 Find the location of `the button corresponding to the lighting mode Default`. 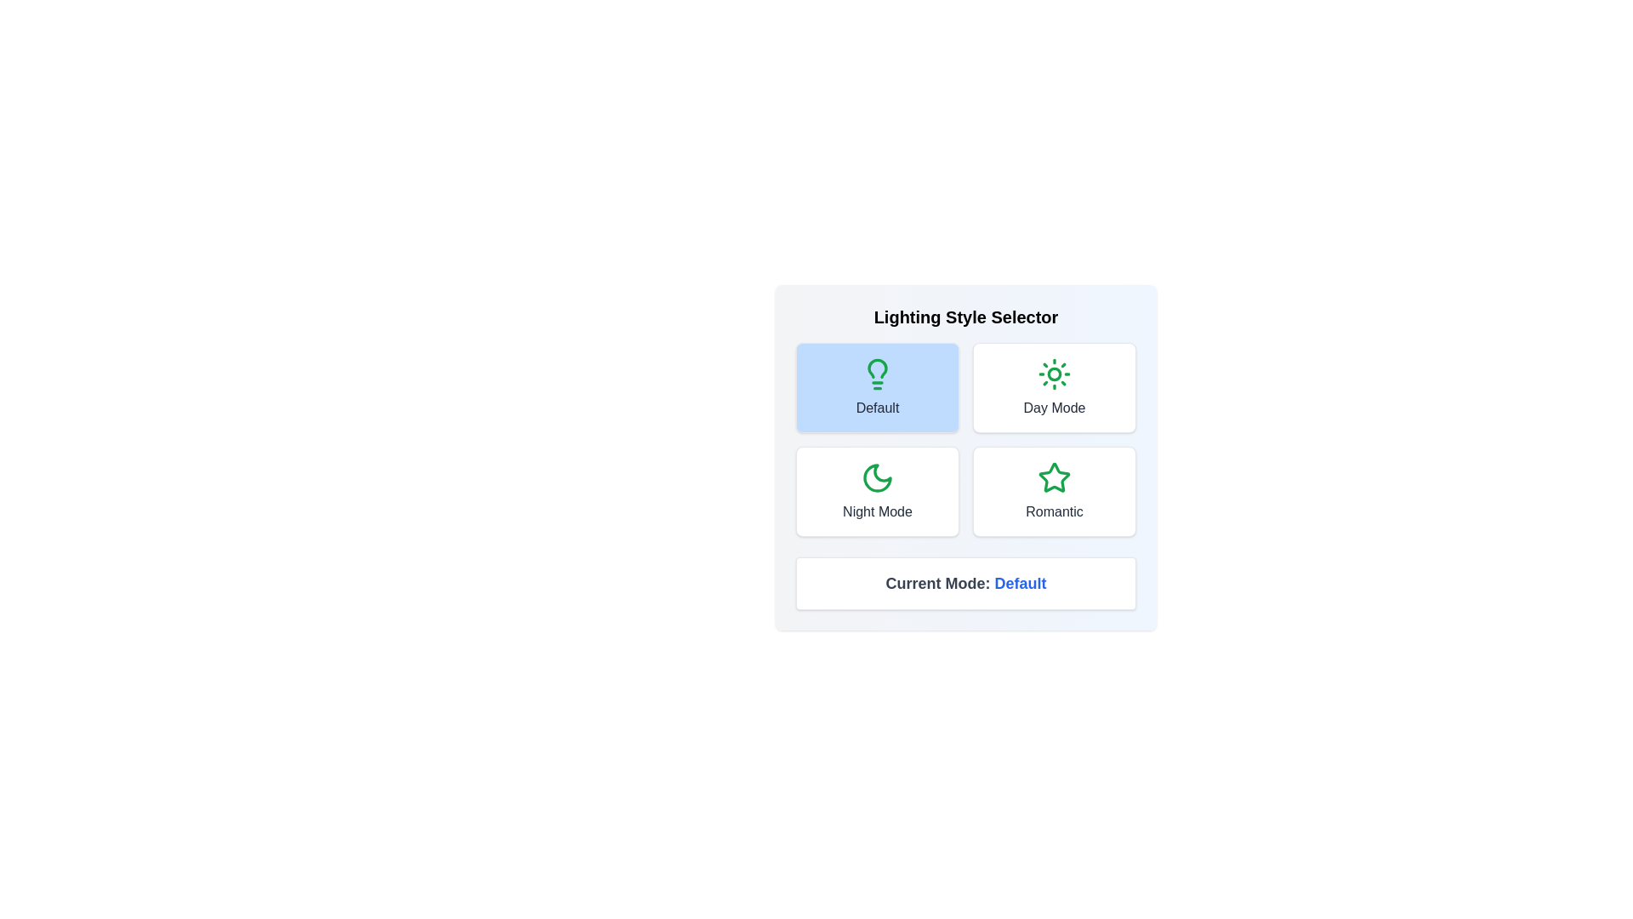

the button corresponding to the lighting mode Default is located at coordinates (878, 387).